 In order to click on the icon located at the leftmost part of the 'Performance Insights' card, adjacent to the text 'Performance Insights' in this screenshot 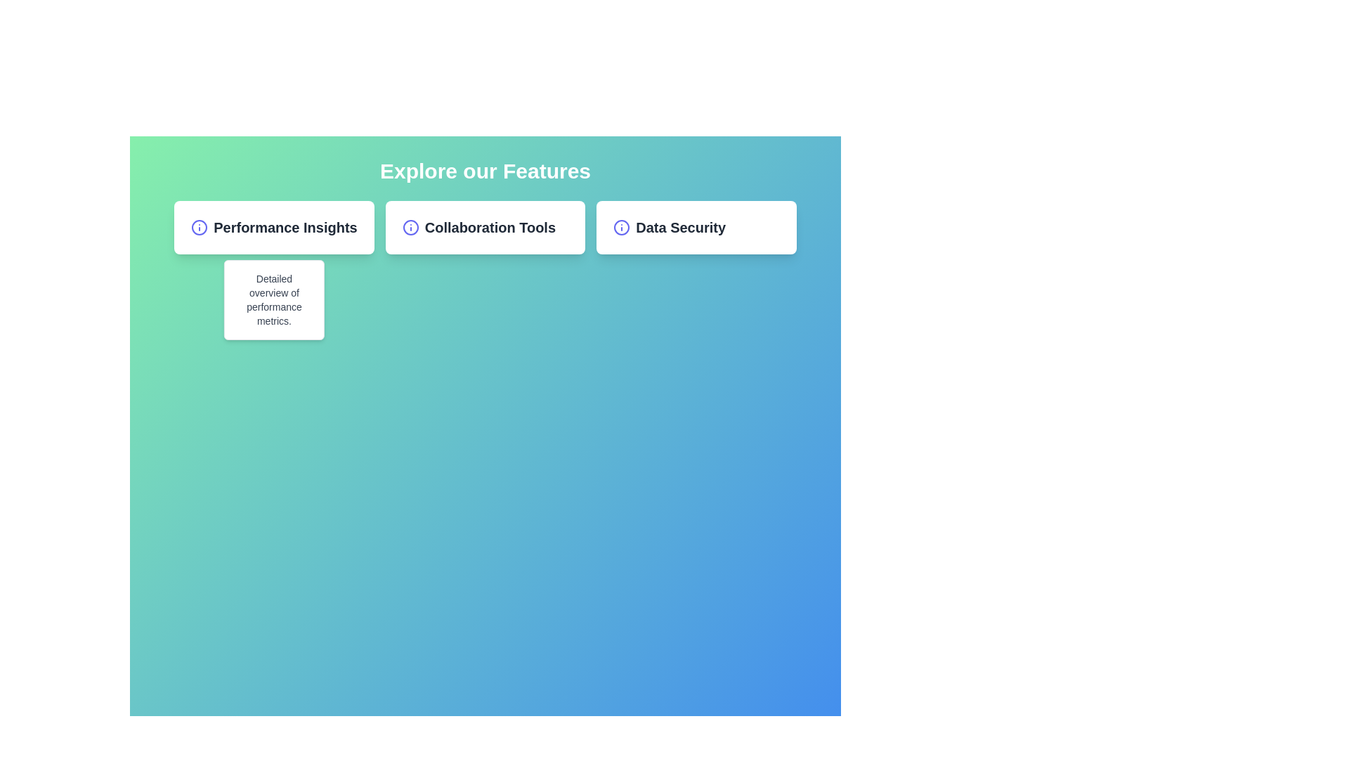, I will do `click(198, 227)`.